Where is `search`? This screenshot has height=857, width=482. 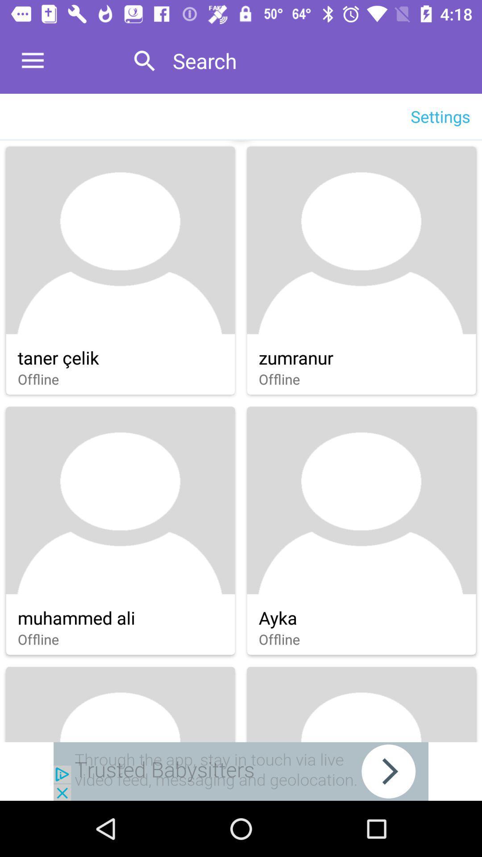 search is located at coordinates (317, 60).